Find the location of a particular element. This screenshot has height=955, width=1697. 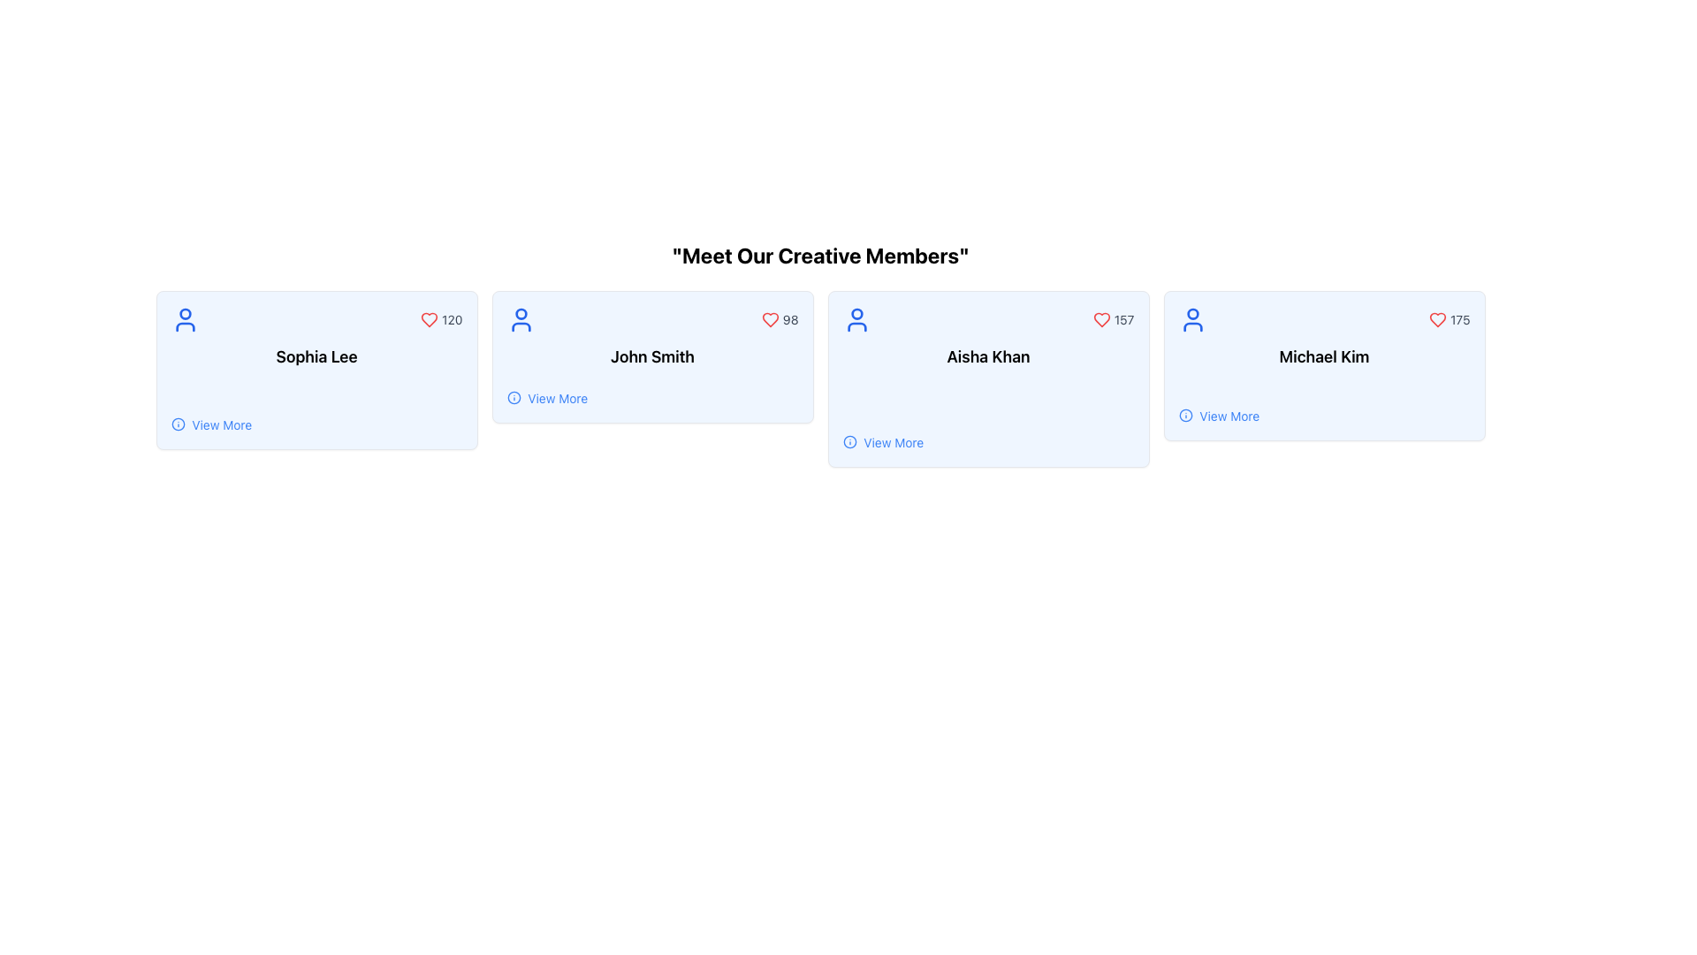

the Interactive Text Link for 'Sophia Lee' is located at coordinates (211, 424).